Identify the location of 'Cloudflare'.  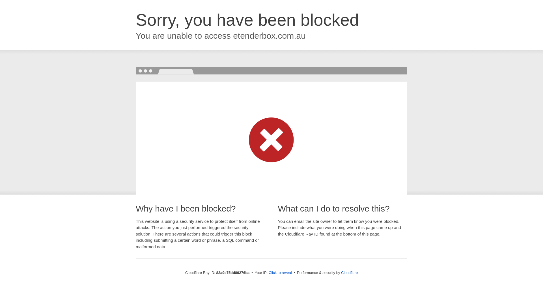
(341, 272).